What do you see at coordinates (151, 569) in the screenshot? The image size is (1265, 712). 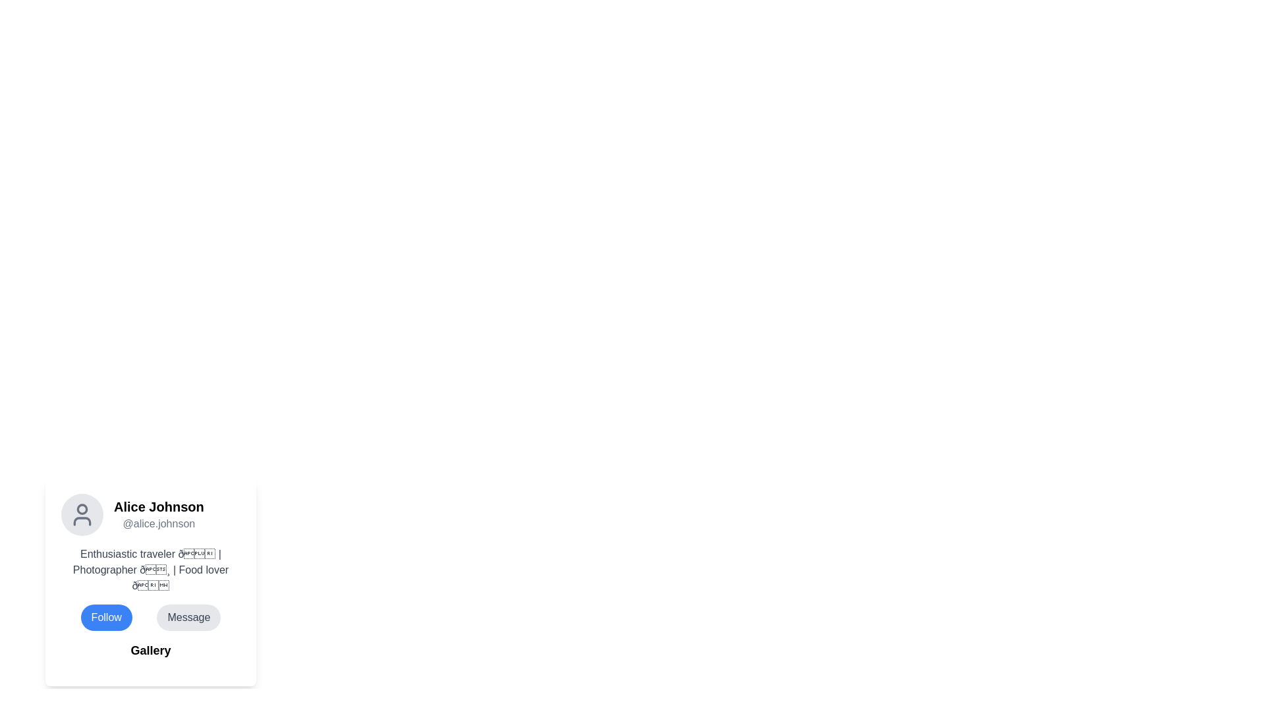 I see `descriptive text block that displays user information, positioned below the username and above the 'Follow' and 'Message' buttons` at bounding box center [151, 569].